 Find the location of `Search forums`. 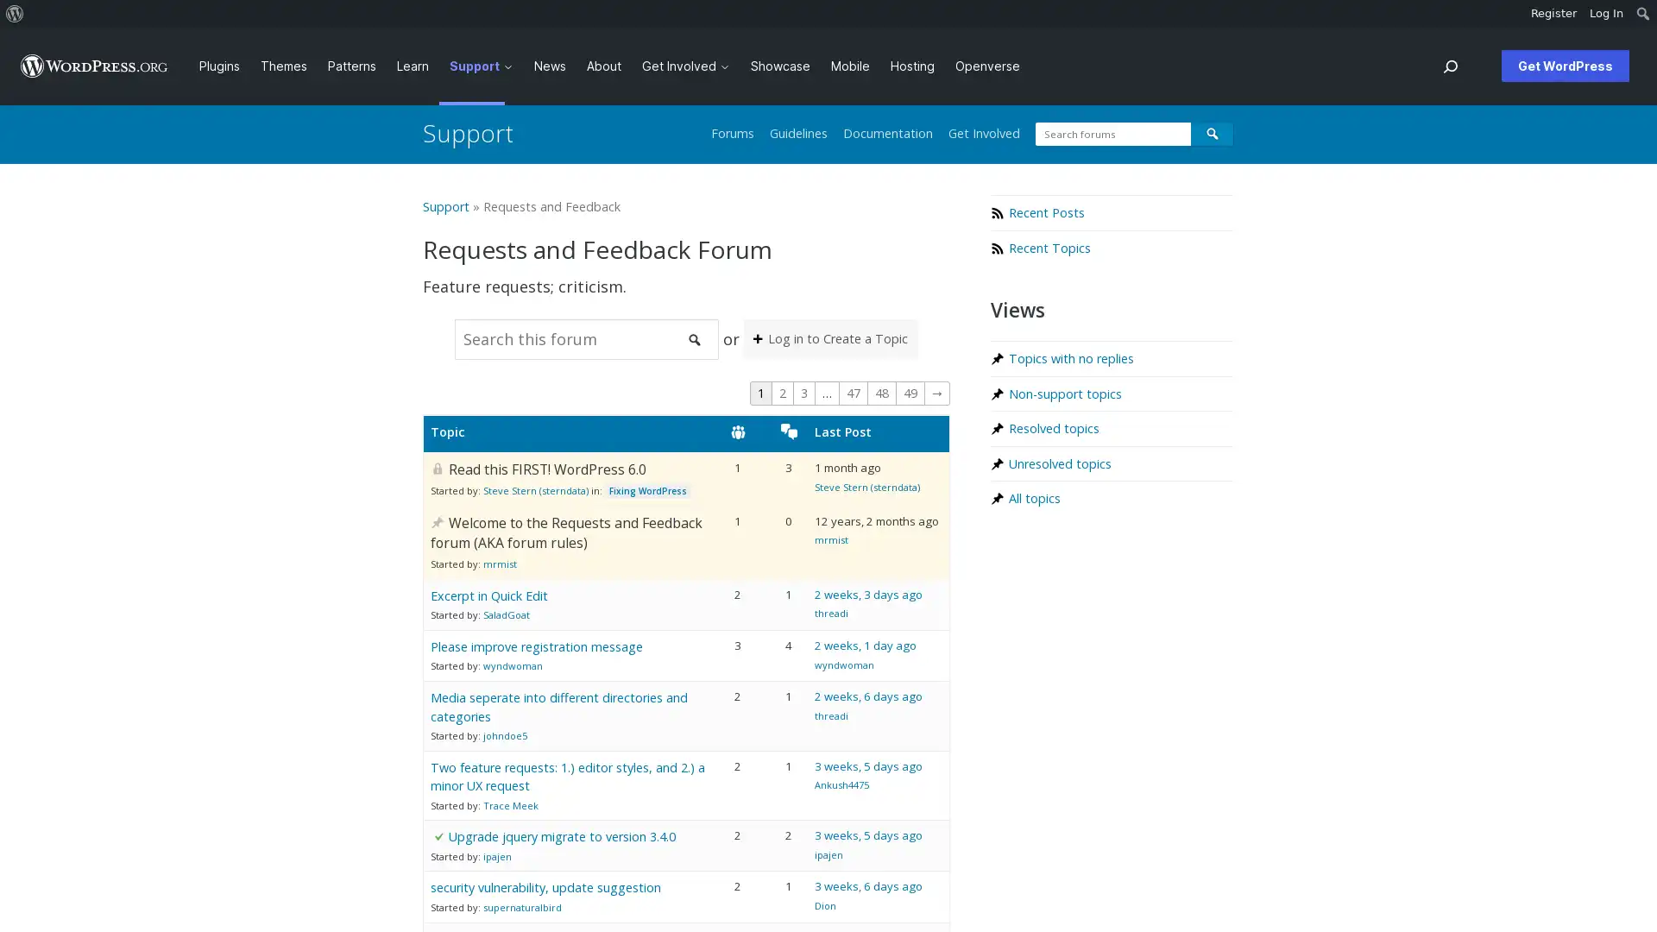

Search forums is located at coordinates (694, 339).